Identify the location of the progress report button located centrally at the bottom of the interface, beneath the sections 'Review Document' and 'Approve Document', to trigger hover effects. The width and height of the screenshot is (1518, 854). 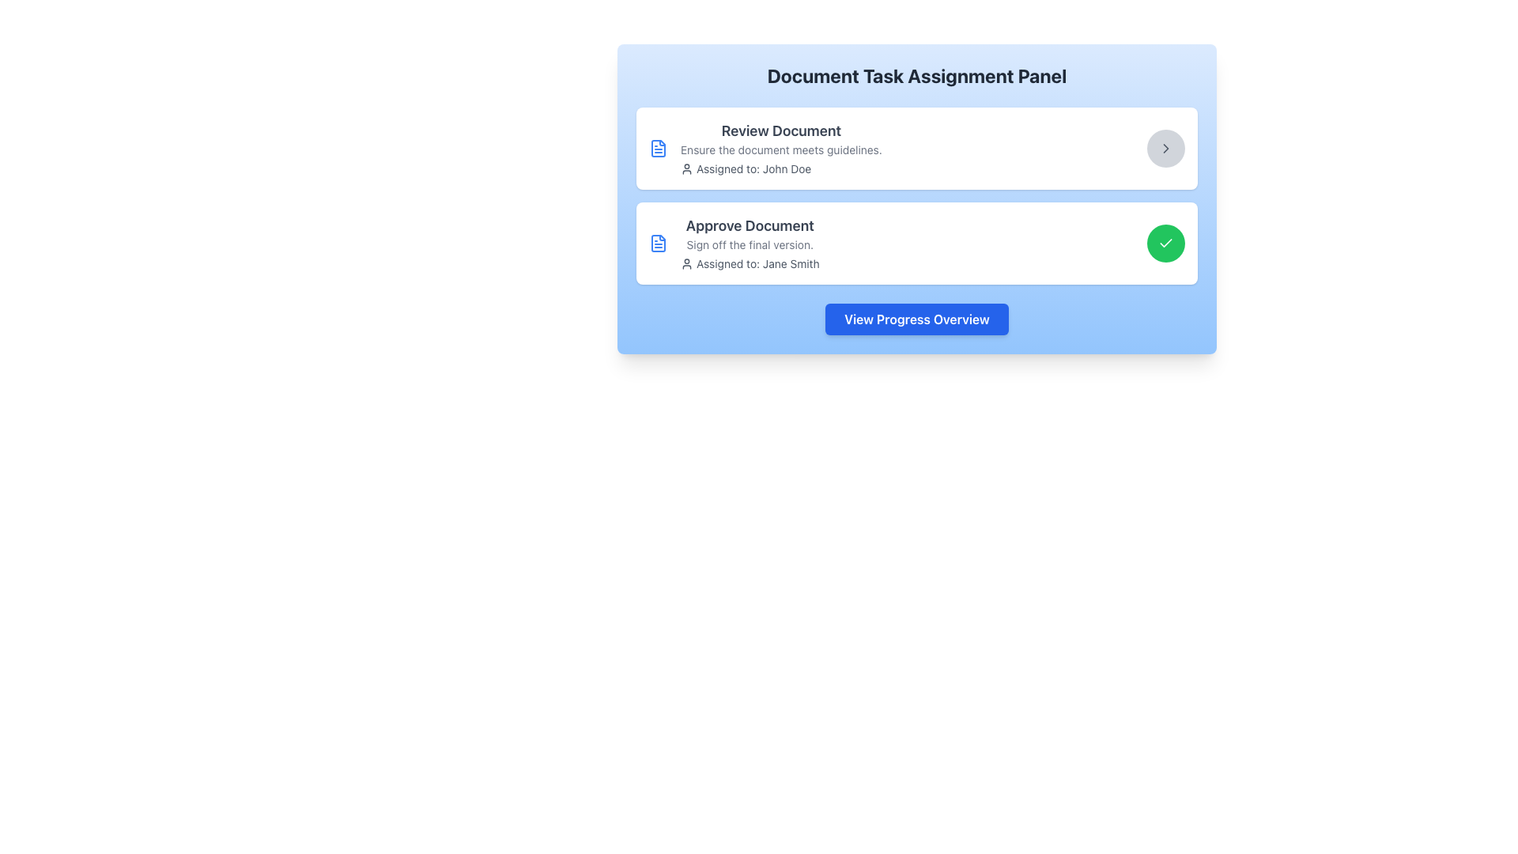
(917, 319).